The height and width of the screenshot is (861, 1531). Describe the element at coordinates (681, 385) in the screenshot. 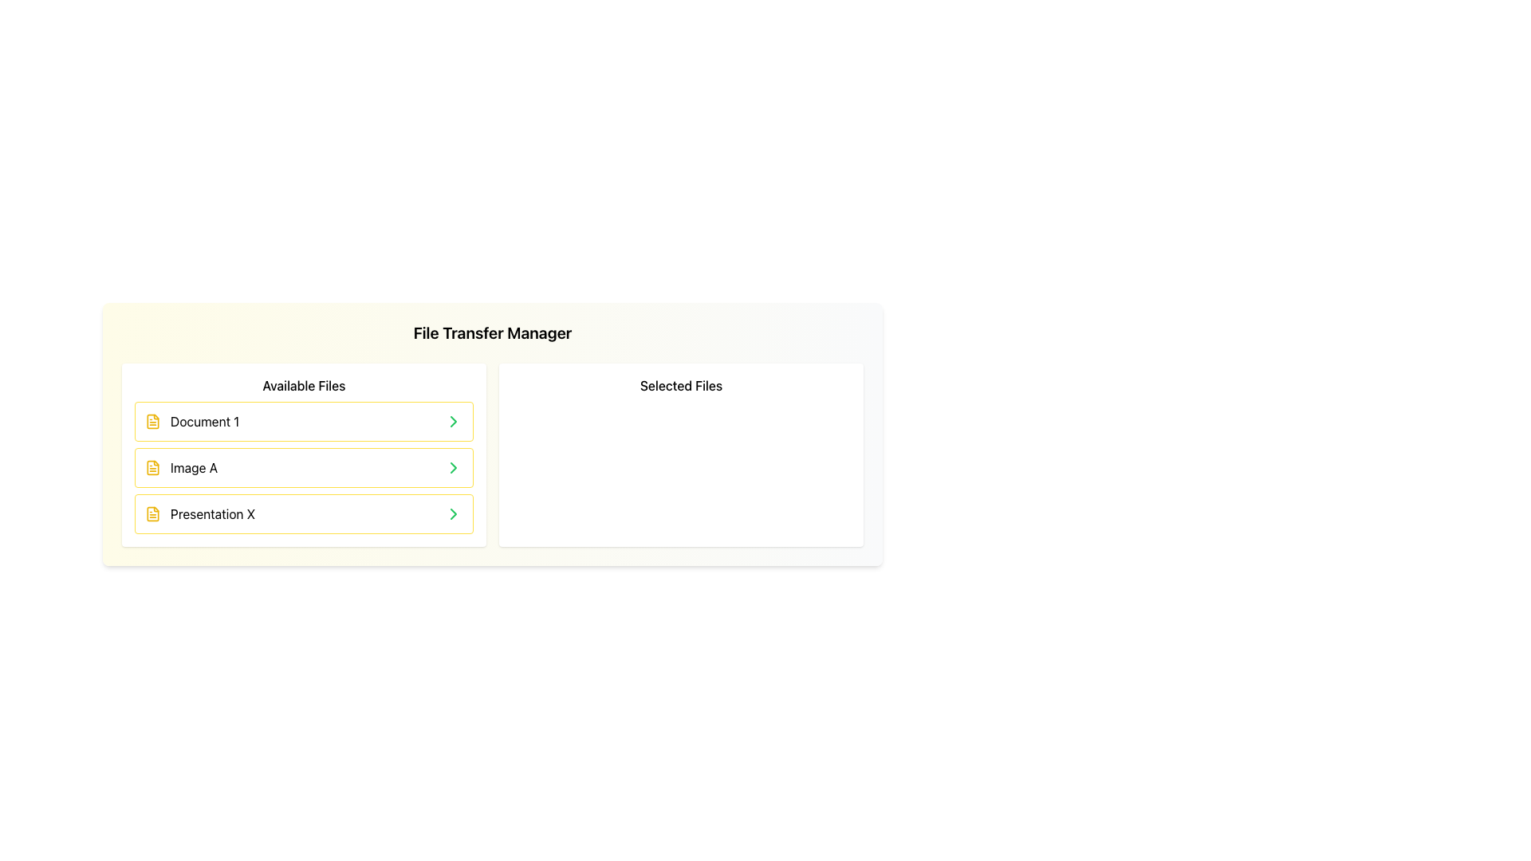

I see `the label that provides a title or heading for its associated content area, located at the top of its section on the right side of the interface` at that location.